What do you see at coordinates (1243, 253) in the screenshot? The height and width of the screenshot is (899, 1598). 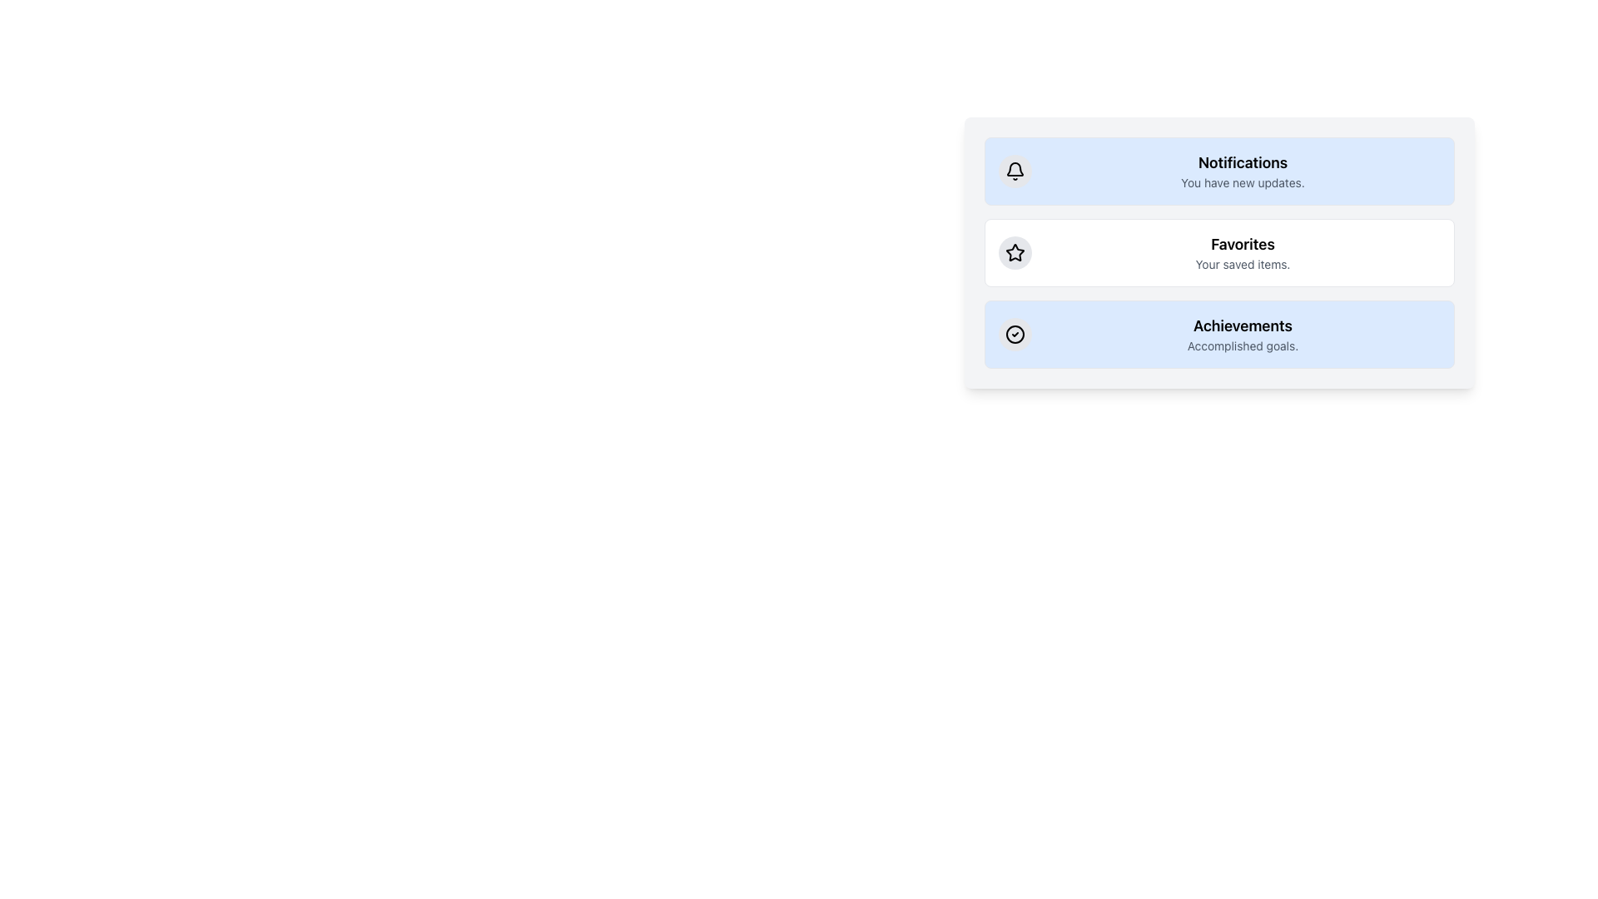 I see `the textual label element that displays 'Favorites' in bold with the subtext 'Your saved items' below it` at bounding box center [1243, 253].